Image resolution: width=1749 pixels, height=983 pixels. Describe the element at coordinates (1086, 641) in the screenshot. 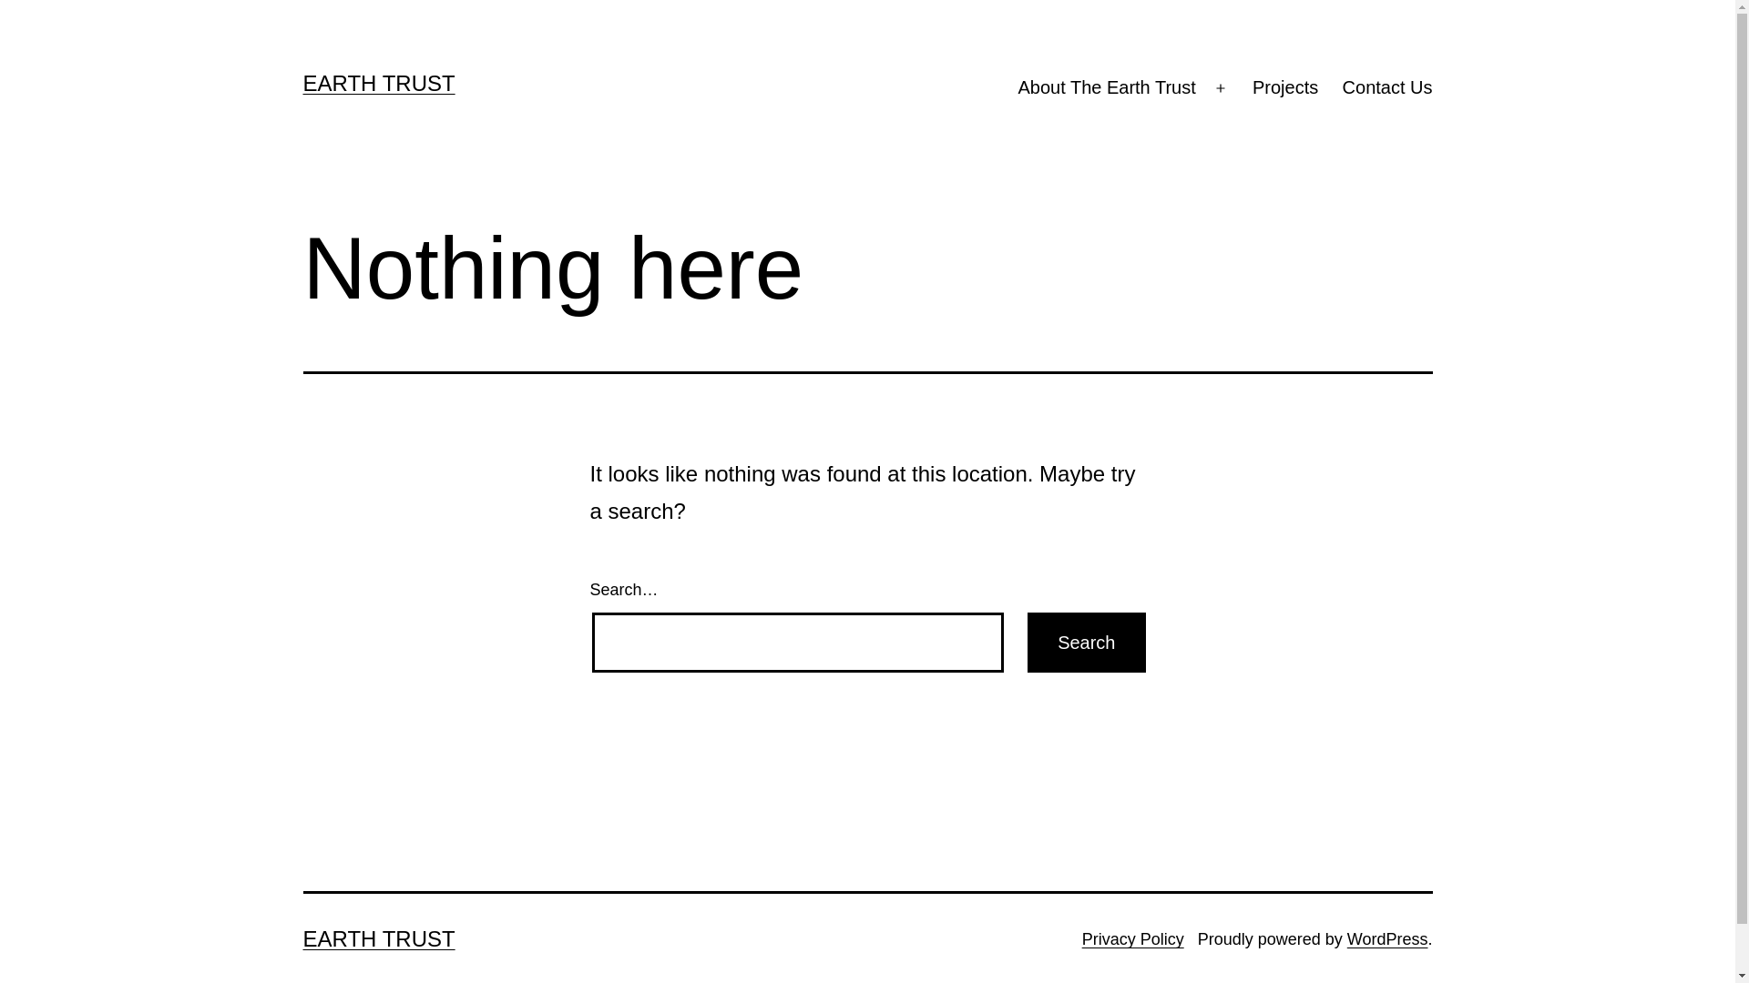

I see `'Search'` at that location.